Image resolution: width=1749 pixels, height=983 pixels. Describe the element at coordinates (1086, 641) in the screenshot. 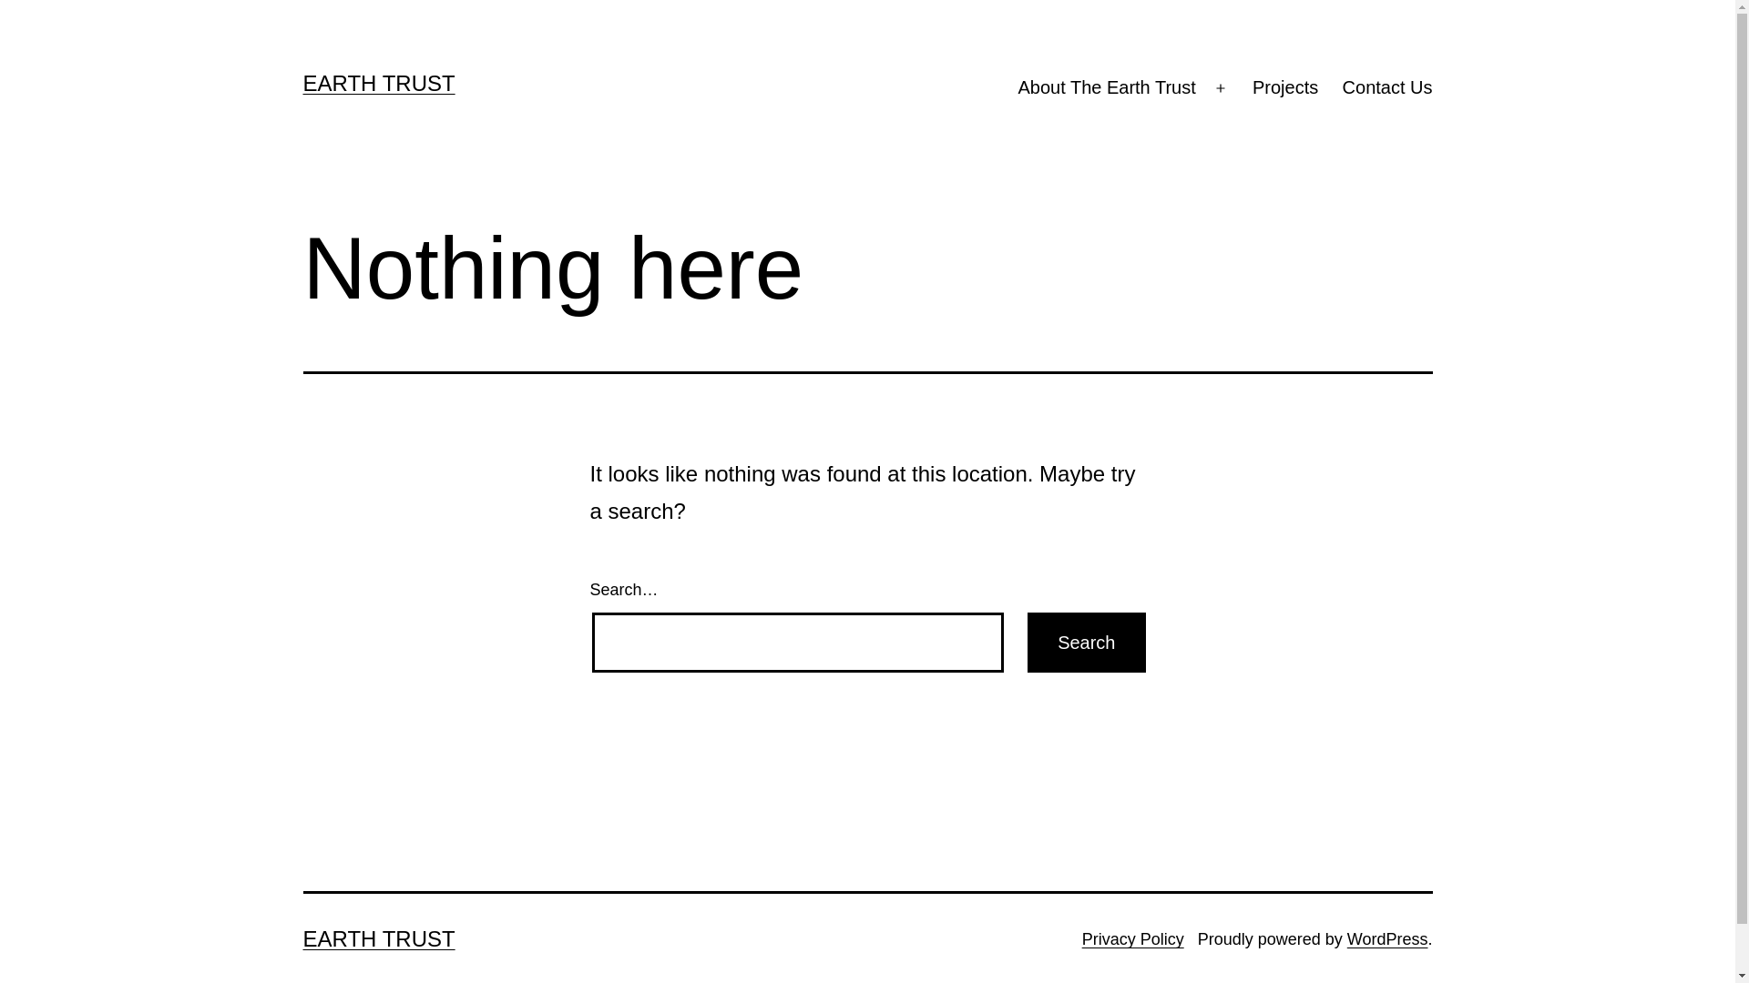

I see `'Search'` at that location.